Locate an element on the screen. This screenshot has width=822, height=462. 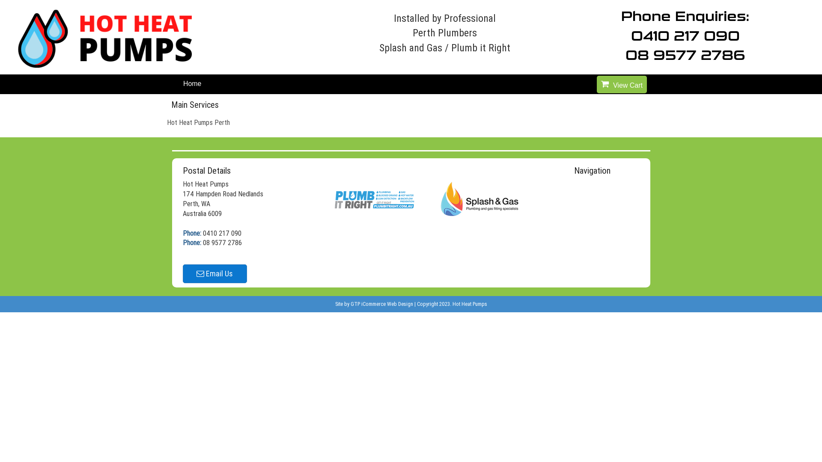
'Email Us' is located at coordinates (214, 274).